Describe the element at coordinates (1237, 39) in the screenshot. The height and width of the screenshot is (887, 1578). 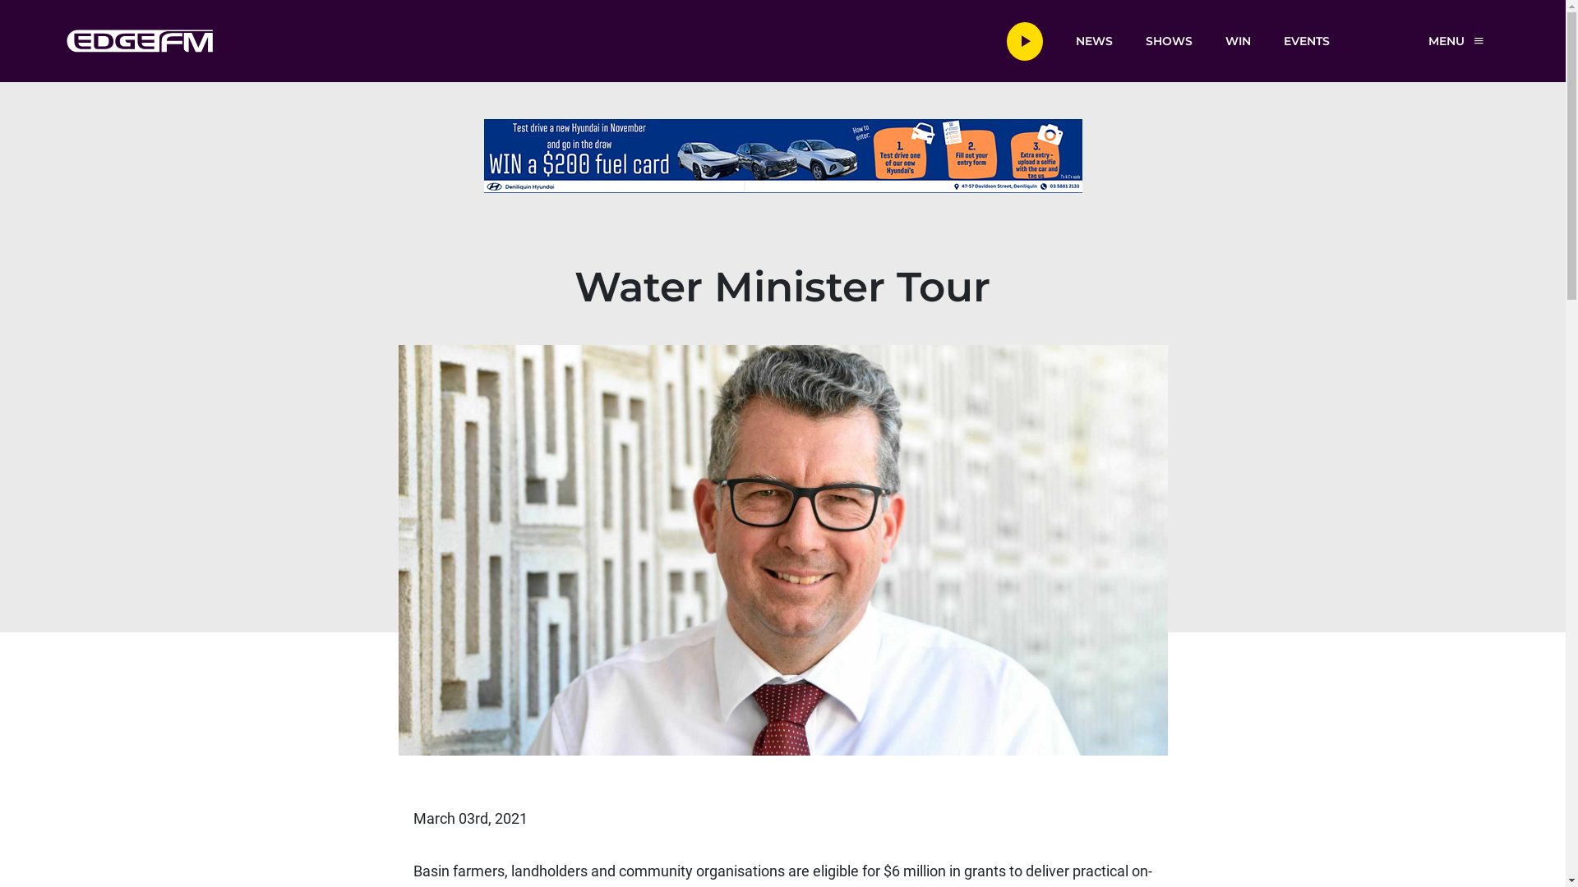
I see `'WIN'` at that location.